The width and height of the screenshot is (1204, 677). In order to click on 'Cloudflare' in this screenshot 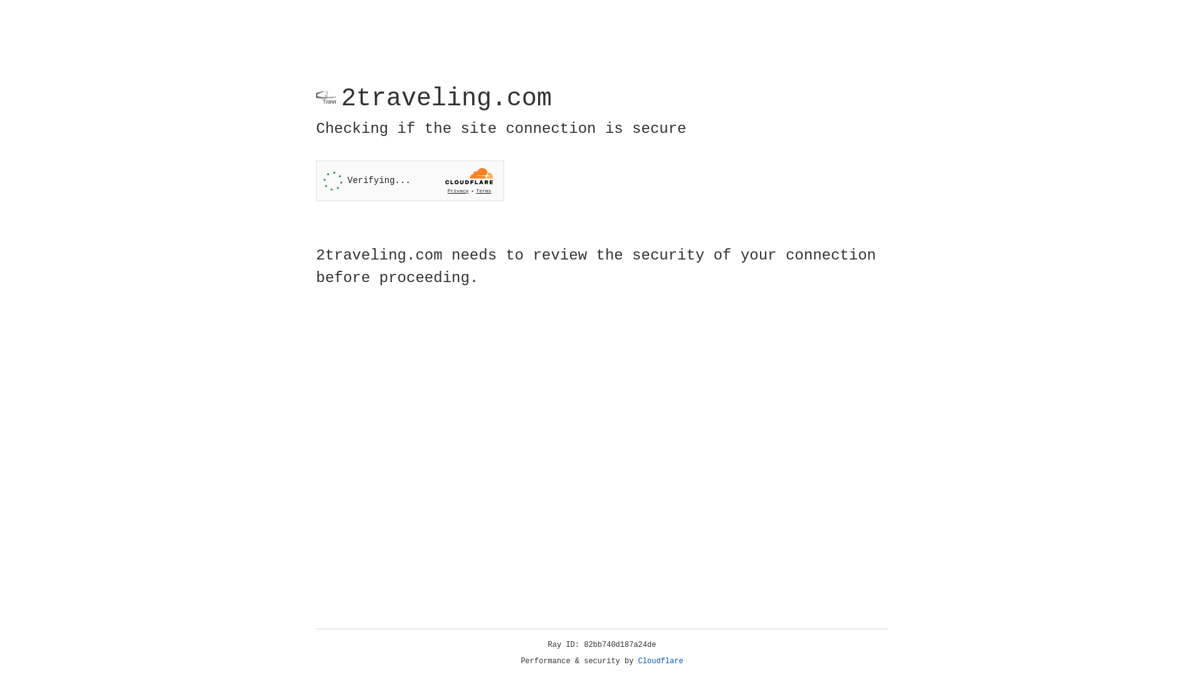, I will do `click(660, 661)`.